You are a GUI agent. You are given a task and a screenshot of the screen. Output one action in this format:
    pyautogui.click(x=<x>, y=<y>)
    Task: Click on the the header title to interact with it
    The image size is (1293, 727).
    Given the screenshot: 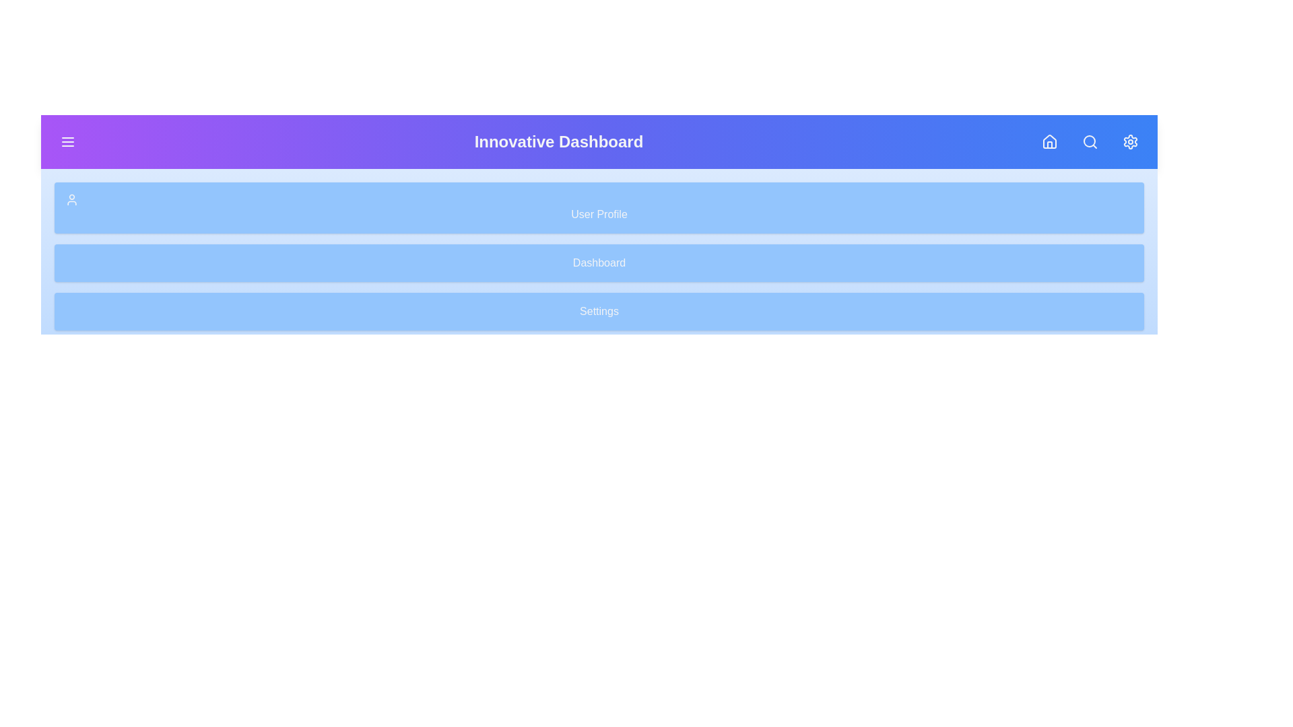 What is the action you would take?
    pyautogui.click(x=559, y=142)
    